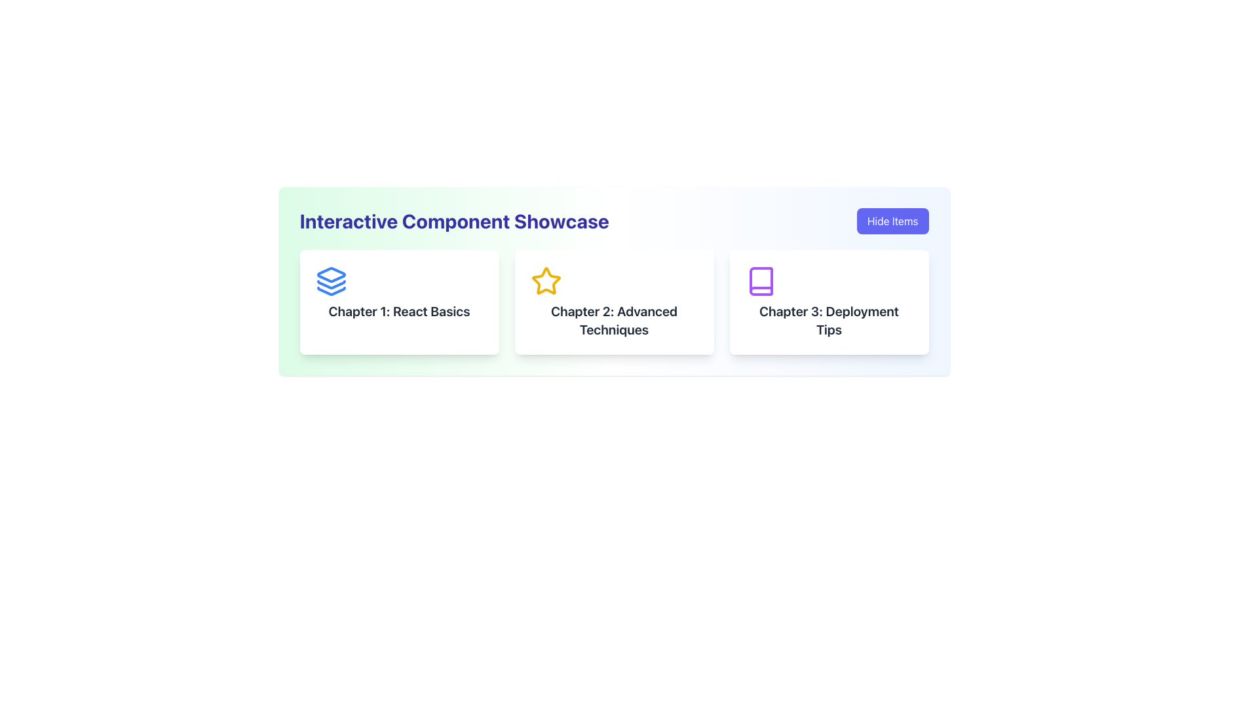 The width and height of the screenshot is (1258, 707). I want to click on the 'Hide Items' button with rounded corners and an indigo background, so click(892, 221).